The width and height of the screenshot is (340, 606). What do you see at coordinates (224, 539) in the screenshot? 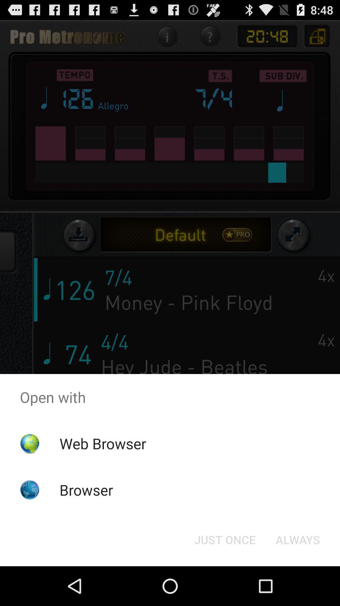
I see `just once` at bounding box center [224, 539].